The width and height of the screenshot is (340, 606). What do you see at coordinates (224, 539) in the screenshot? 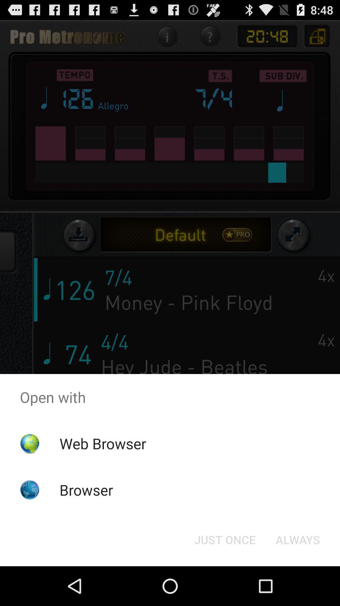
I see `just once` at bounding box center [224, 539].